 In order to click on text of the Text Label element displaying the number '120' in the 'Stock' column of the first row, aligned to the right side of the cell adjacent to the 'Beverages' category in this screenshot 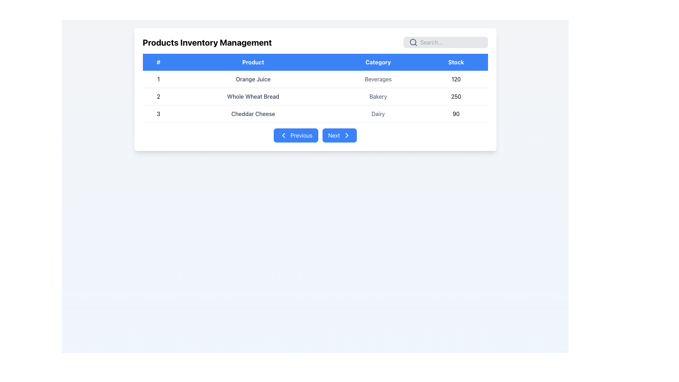, I will do `click(456, 79)`.